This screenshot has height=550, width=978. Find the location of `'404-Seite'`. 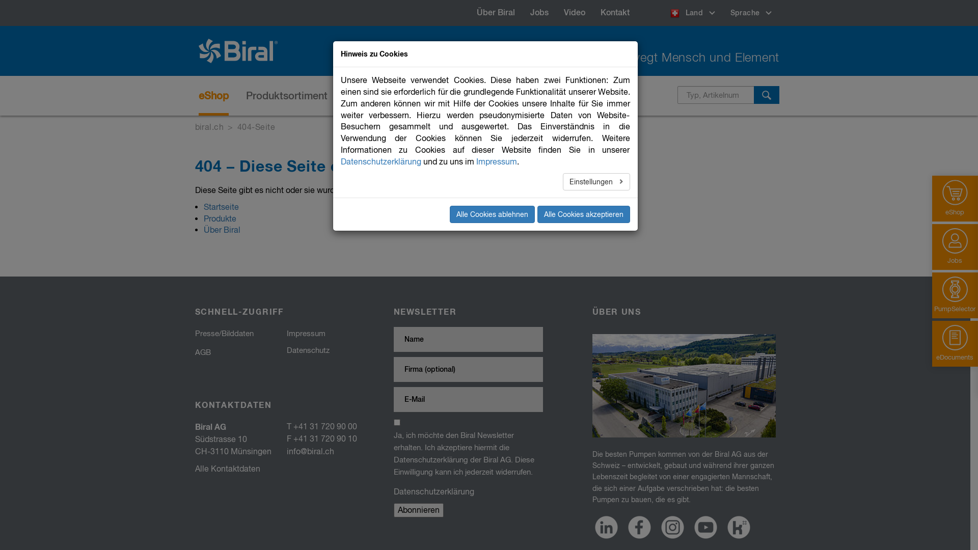

'404-Seite' is located at coordinates (256, 126).